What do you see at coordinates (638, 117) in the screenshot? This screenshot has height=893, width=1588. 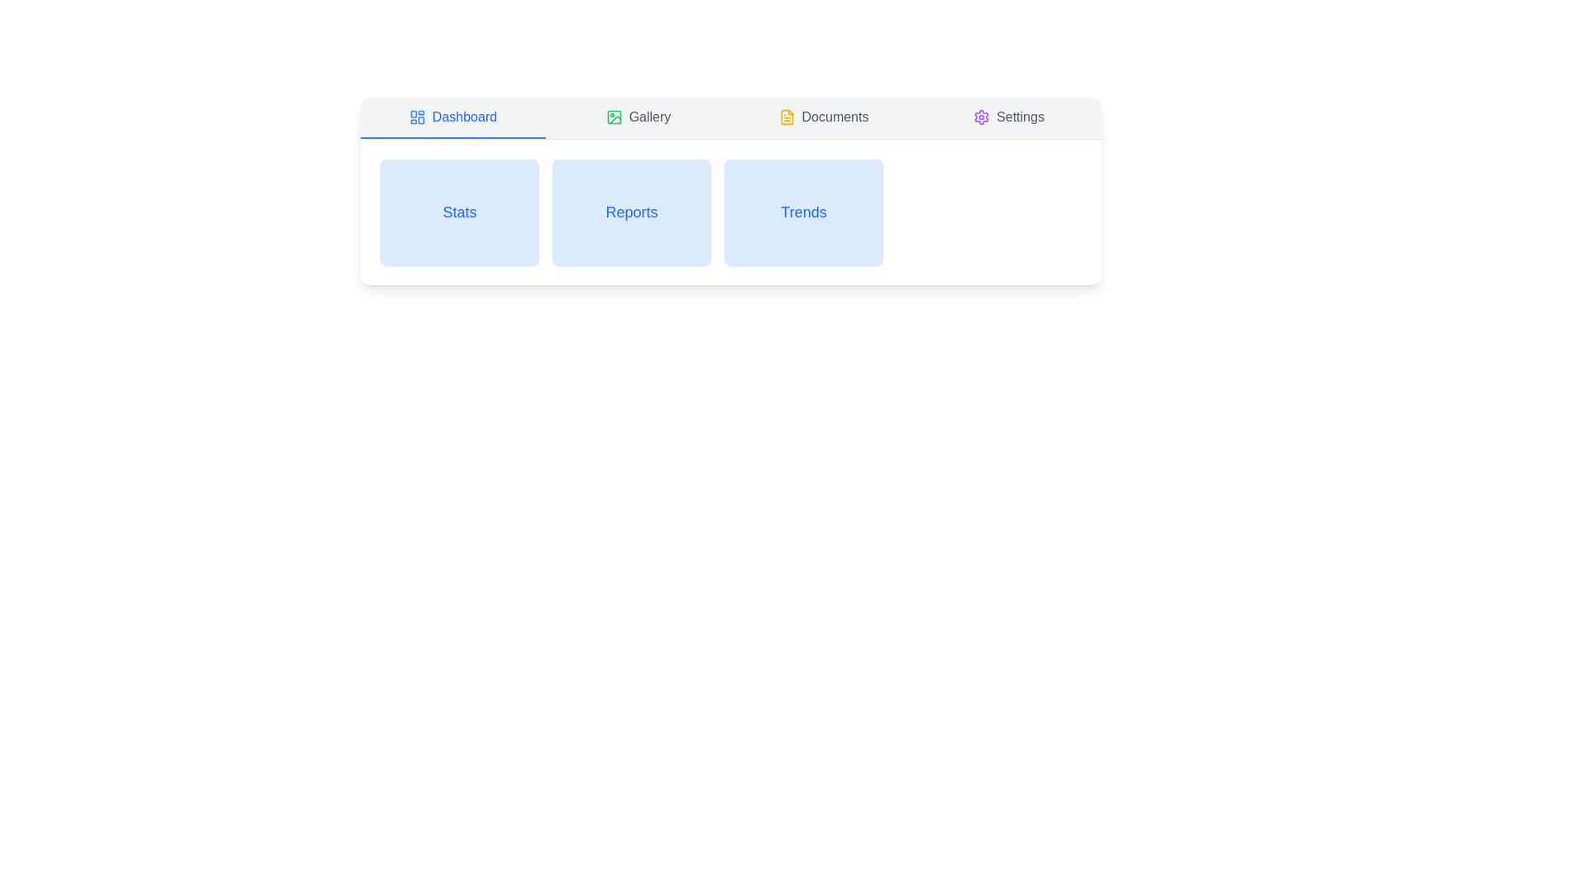 I see `the 'Gallery' button, which is a horizontal tab with a green-framed image icon` at bounding box center [638, 117].